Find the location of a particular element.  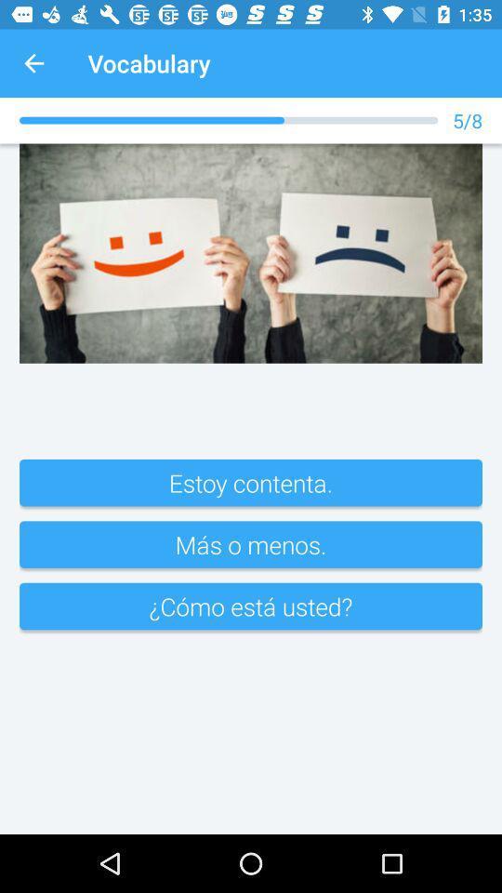

the icon next to vocabulary is located at coordinates (33, 63).